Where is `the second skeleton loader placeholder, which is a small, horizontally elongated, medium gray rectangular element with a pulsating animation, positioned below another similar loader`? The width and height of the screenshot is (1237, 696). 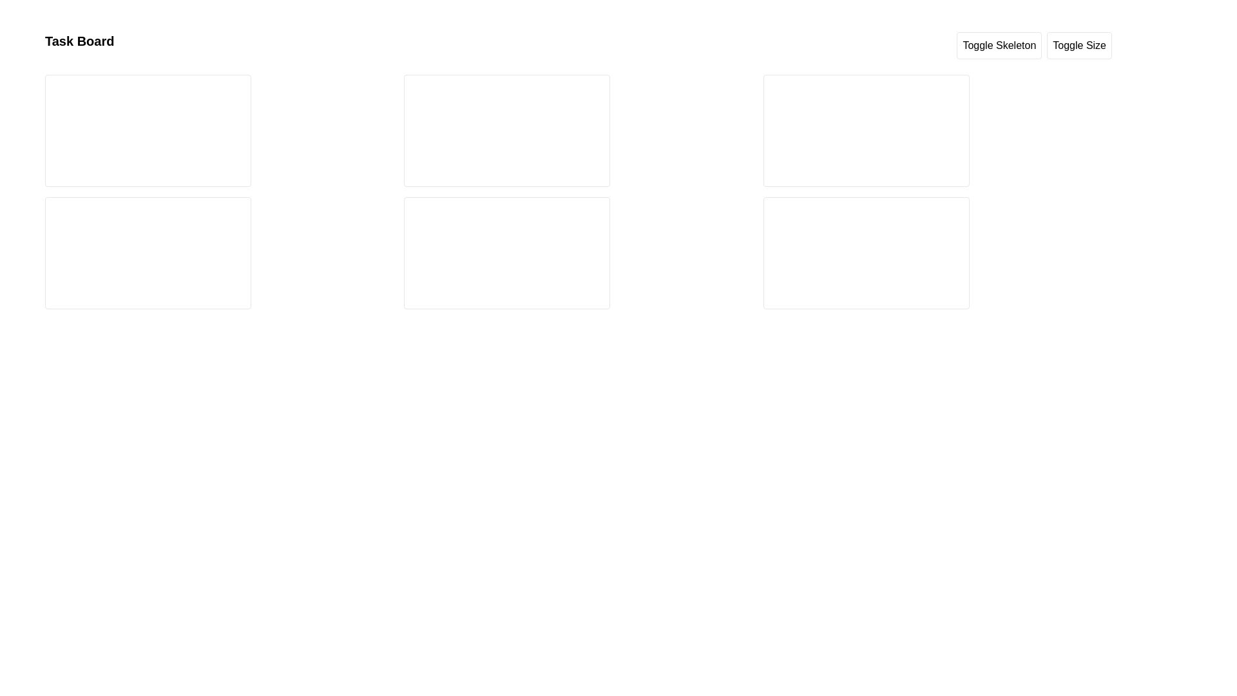 the second skeleton loader placeholder, which is a small, horizontally elongated, medium gray rectangular element with a pulsating animation, positioned below another similar loader is located at coordinates (484, 227).